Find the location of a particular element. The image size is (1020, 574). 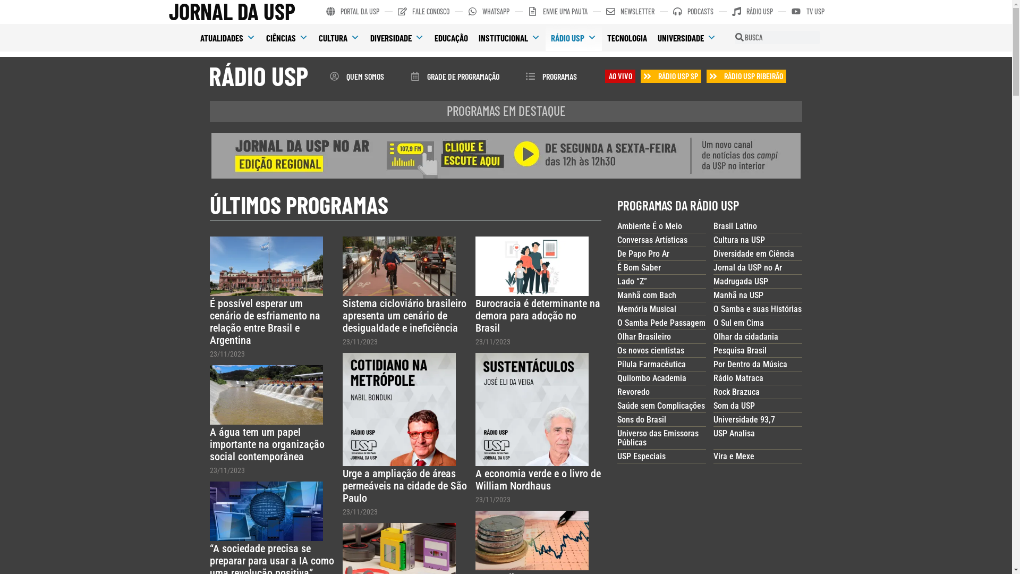

'ENVIE UMA PAUTA' is located at coordinates (528, 11).